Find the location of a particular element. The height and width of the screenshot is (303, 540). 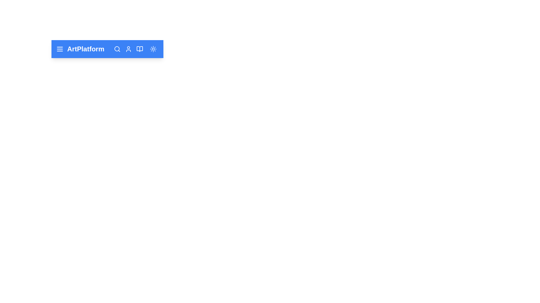

search button to initiate a search is located at coordinates (117, 49).